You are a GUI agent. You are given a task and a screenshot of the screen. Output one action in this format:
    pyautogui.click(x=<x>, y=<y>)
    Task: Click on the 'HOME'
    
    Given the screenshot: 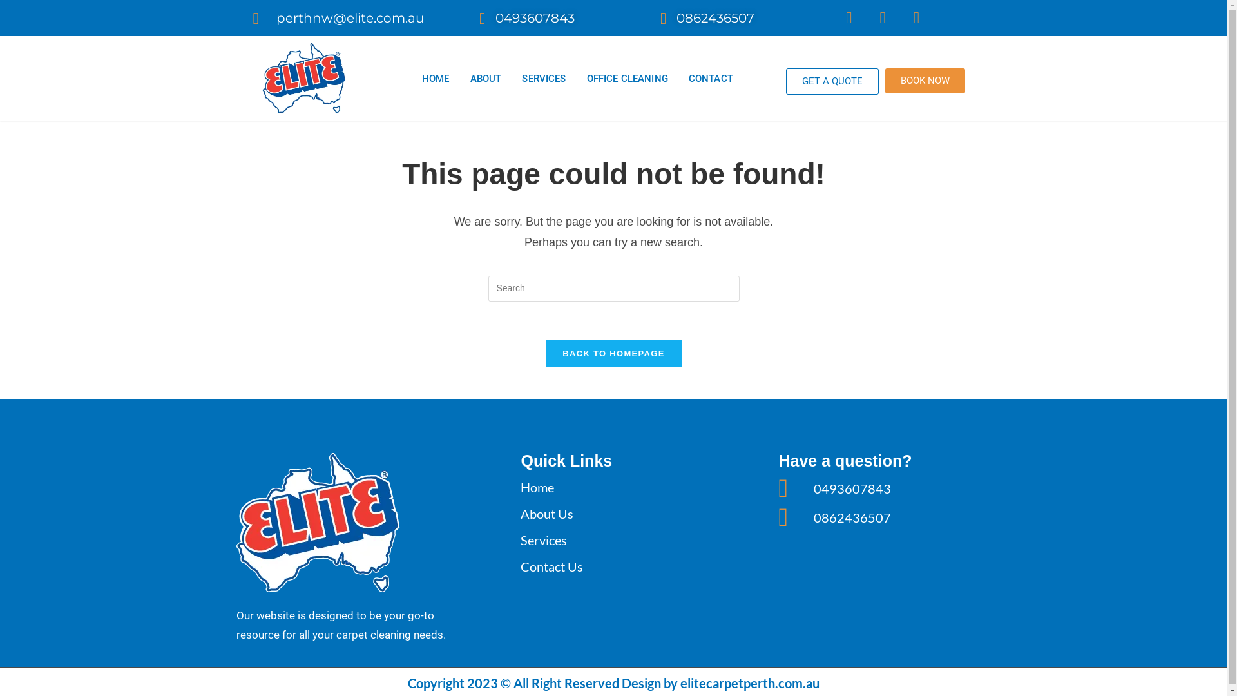 What is the action you would take?
    pyautogui.click(x=436, y=79)
    